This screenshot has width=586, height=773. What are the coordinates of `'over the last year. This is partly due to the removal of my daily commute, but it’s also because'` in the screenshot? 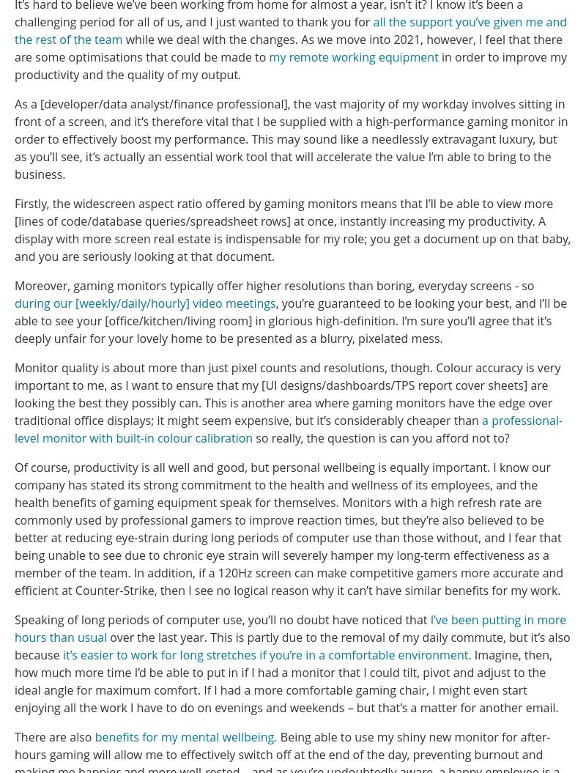 It's located at (292, 645).